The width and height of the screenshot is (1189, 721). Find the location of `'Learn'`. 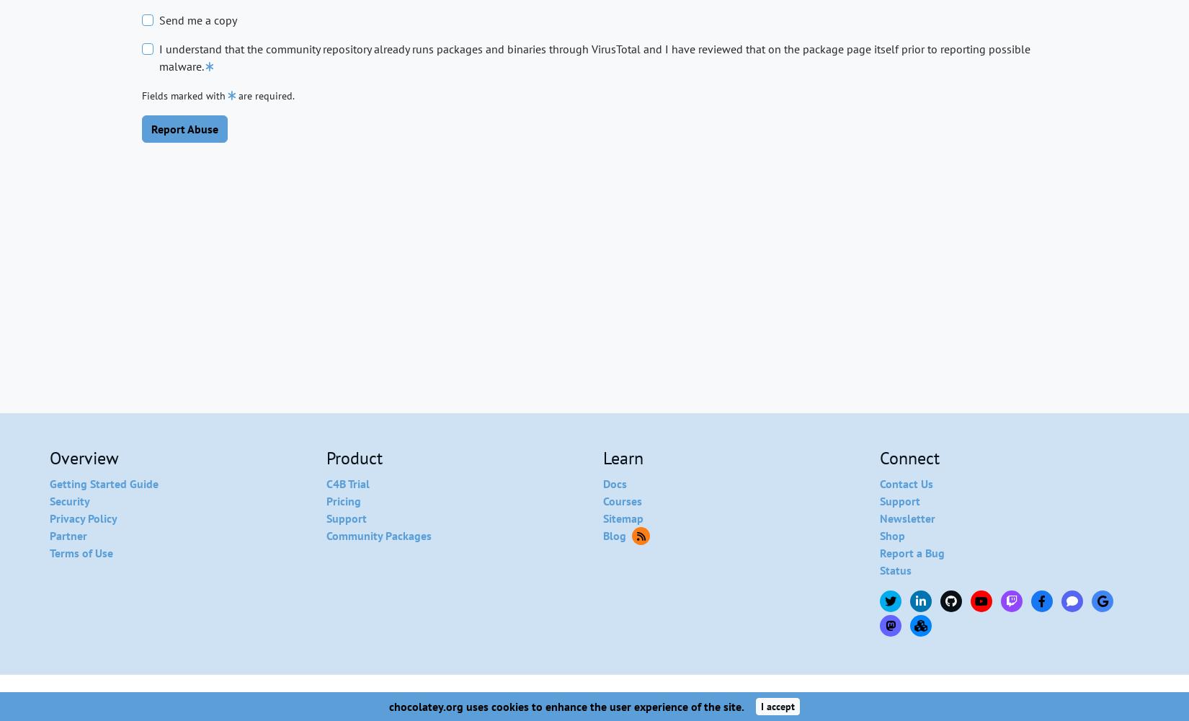

'Learn' is located at coordinates (623, 458).